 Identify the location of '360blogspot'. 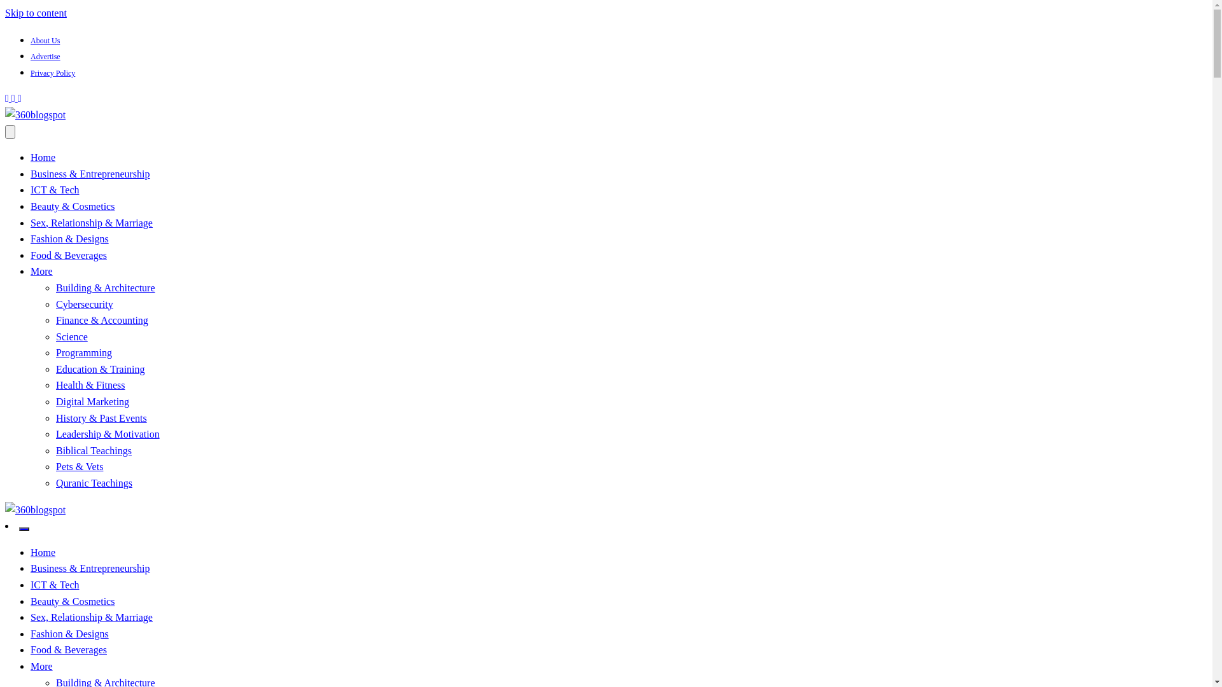
(57, 546).